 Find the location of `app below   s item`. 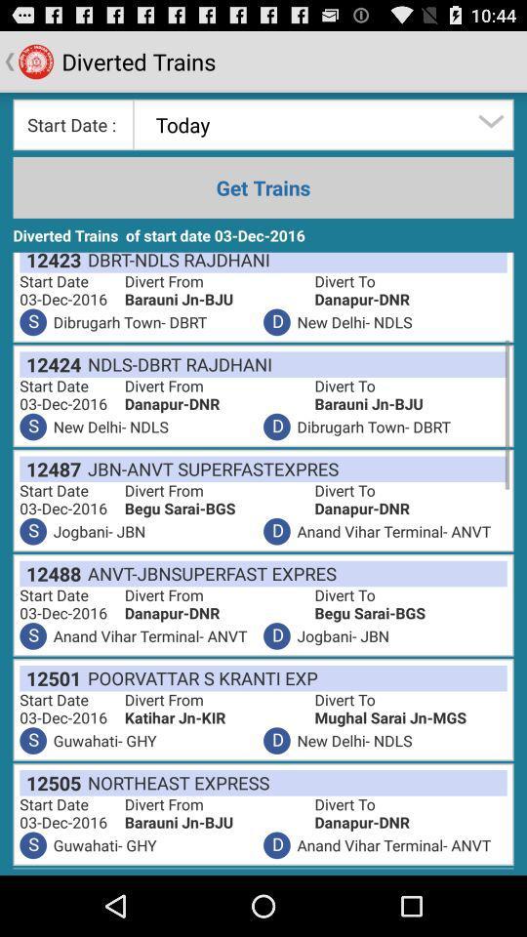

app below   s item is located at coordinates (50, 363).